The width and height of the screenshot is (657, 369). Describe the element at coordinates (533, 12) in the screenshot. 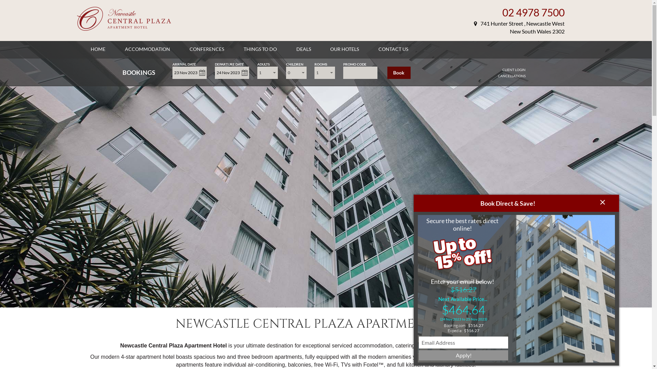

I see `'02 4978 7500'` at that location.